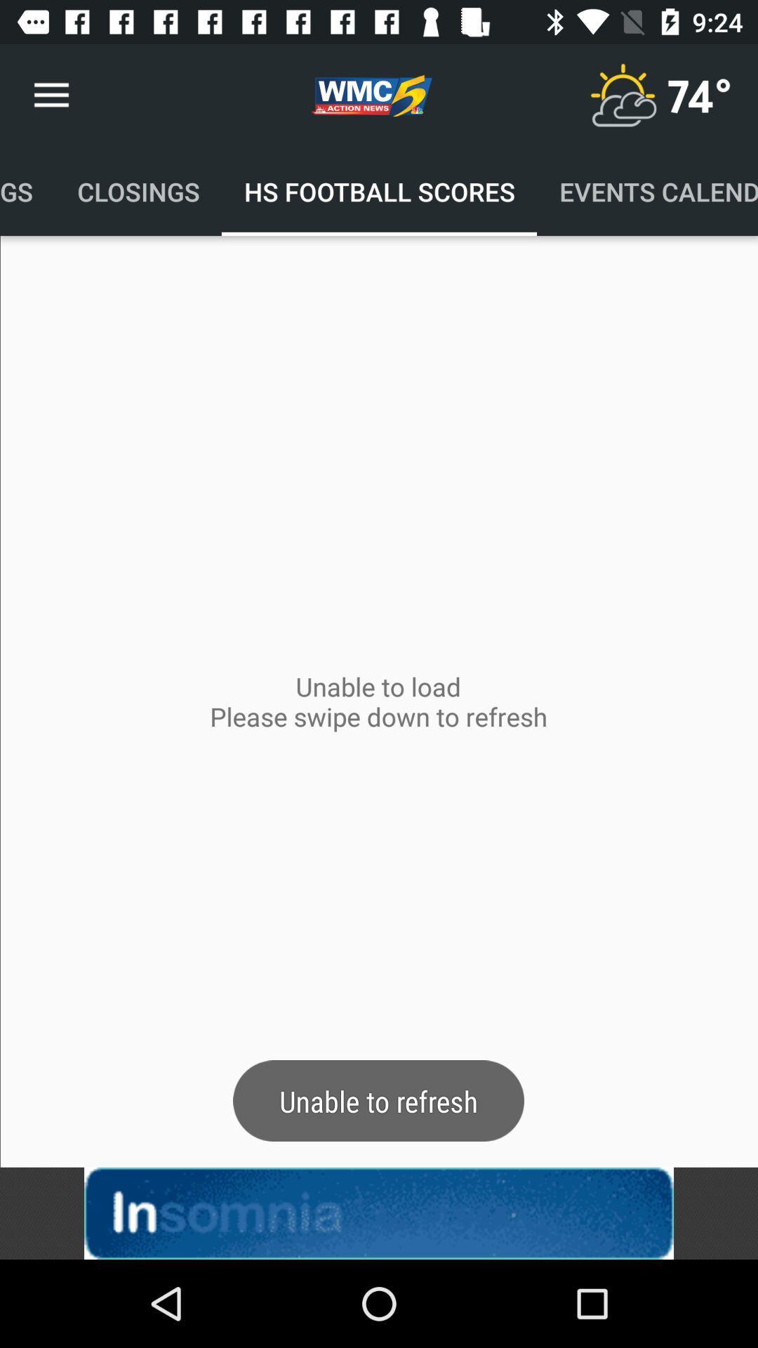 This screenshot has width=758, height=1348. What do you see at coordinates (622, 95) in the screenshot?
I see `temperature button` at bounding box center [622, 95].